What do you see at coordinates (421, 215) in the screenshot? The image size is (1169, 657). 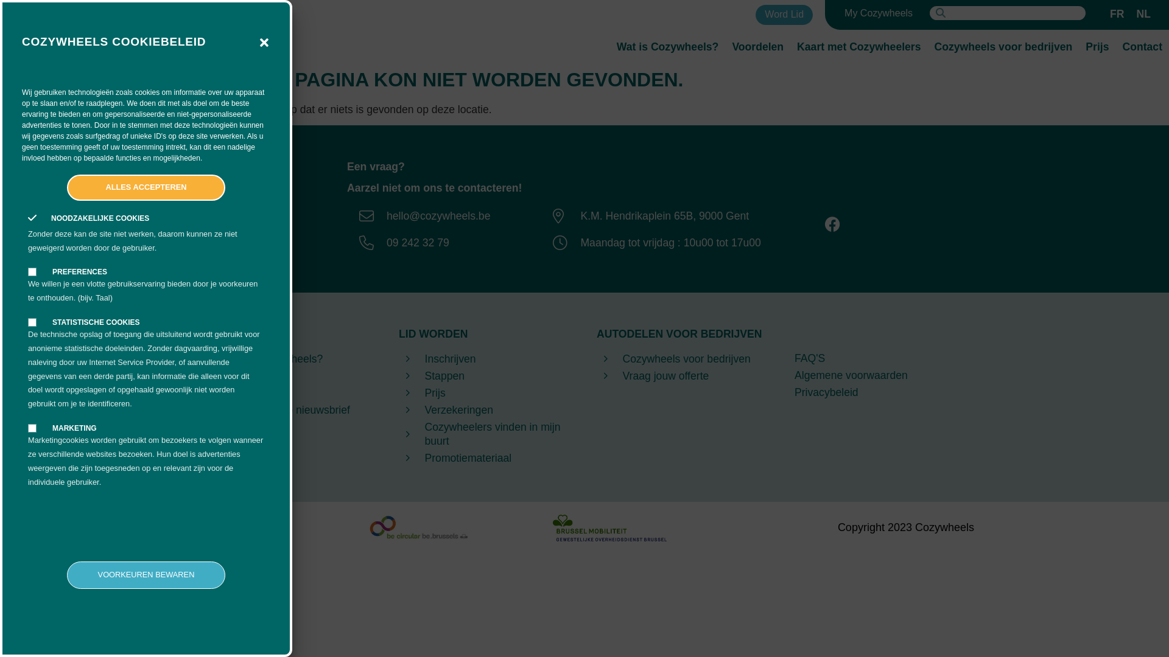 I see `'hello@cozywheels.be'` at bounding box center [421, 215].